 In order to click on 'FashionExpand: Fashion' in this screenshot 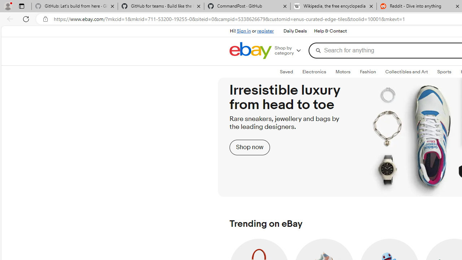, I will do `click(368, 72)`.